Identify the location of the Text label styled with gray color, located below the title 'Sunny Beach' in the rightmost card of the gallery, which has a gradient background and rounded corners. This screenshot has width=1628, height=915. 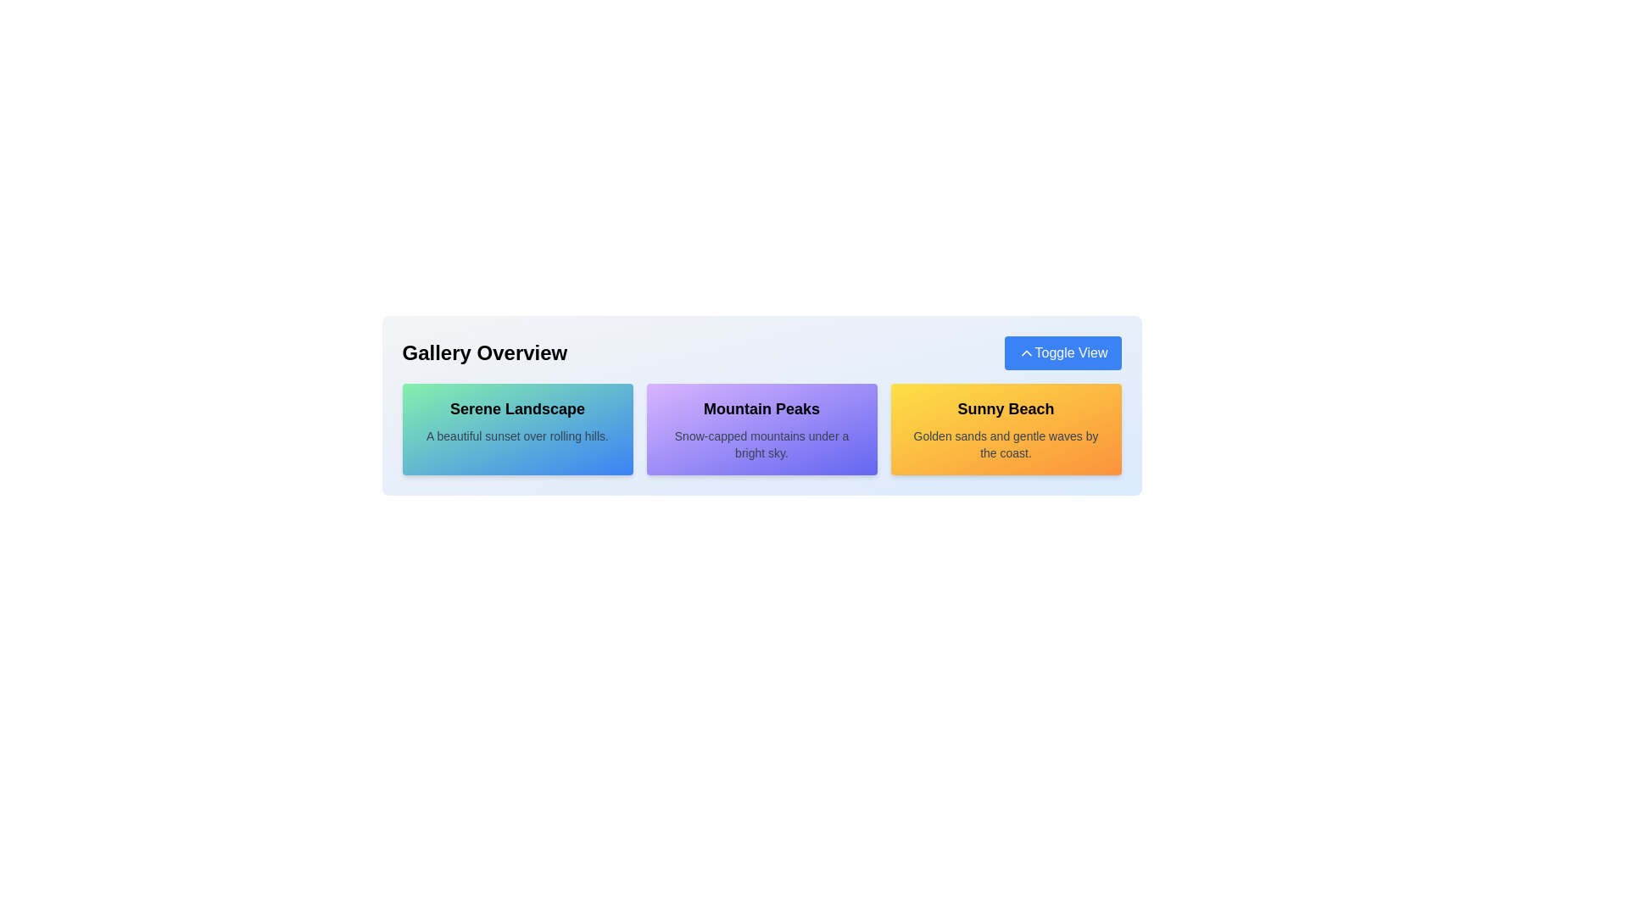
(1006, 443).